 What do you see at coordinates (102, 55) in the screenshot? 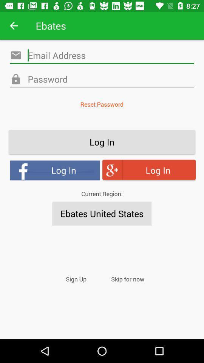
I see `email address` at bounding box center [102, 55].